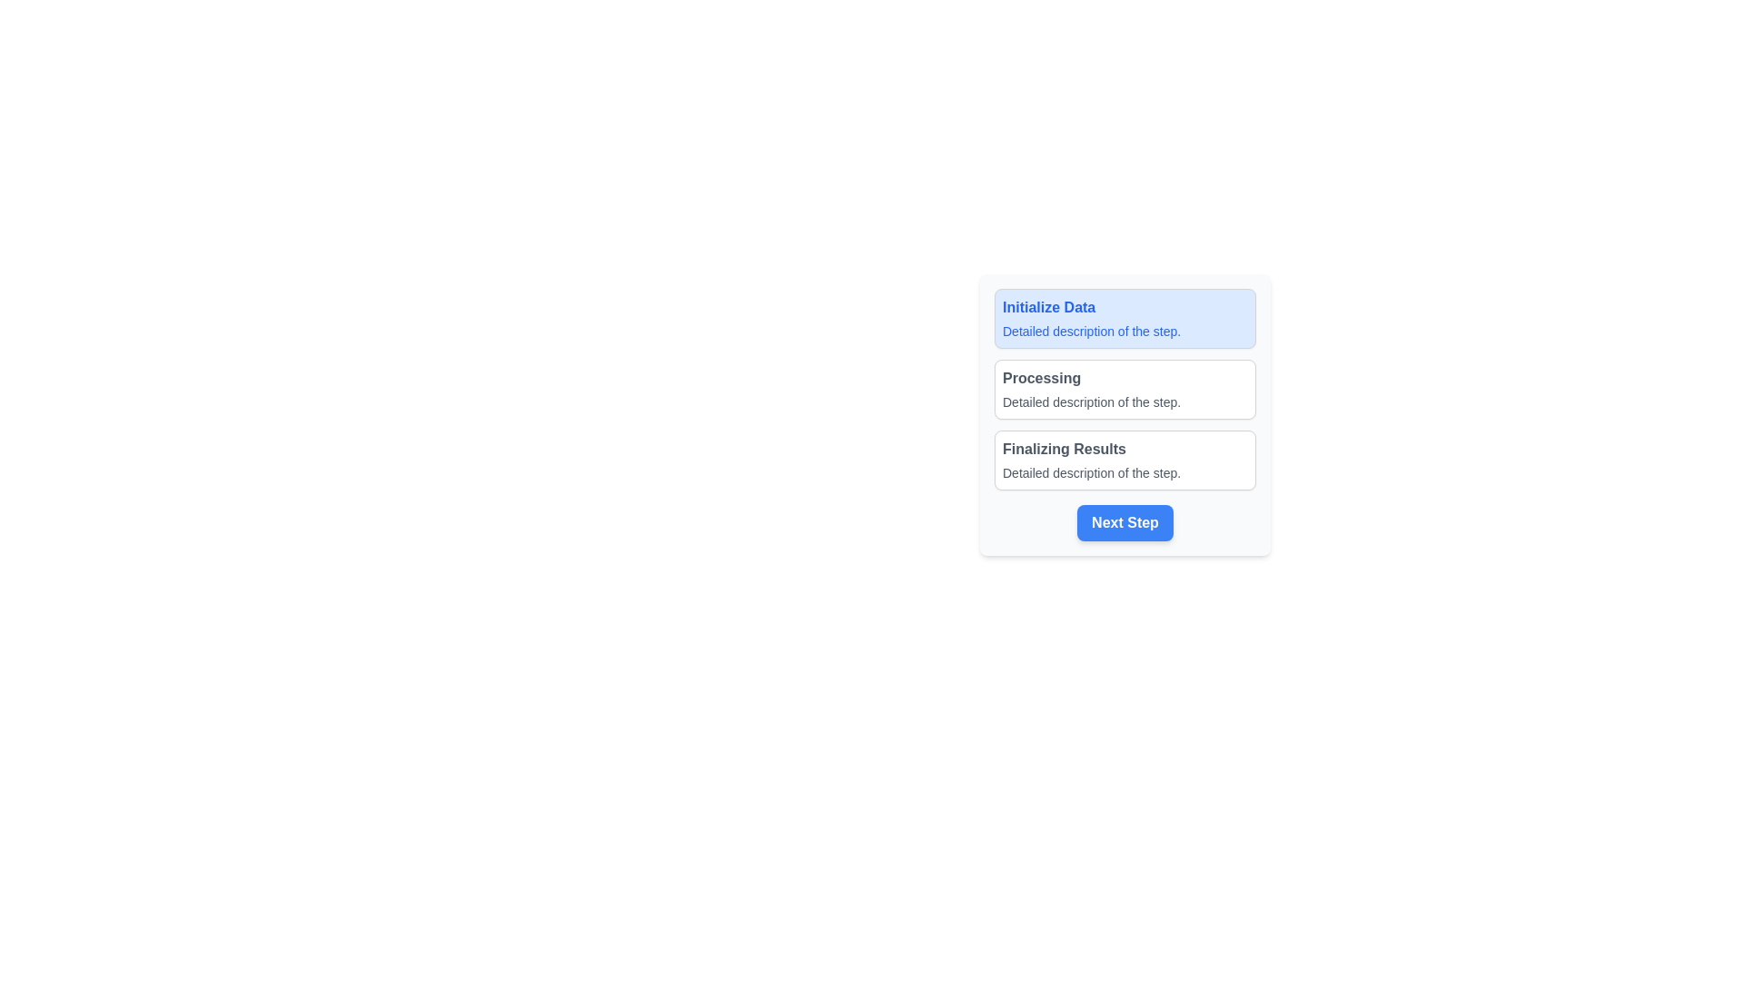  I want to click on assistive technology, so click(1124, 318).